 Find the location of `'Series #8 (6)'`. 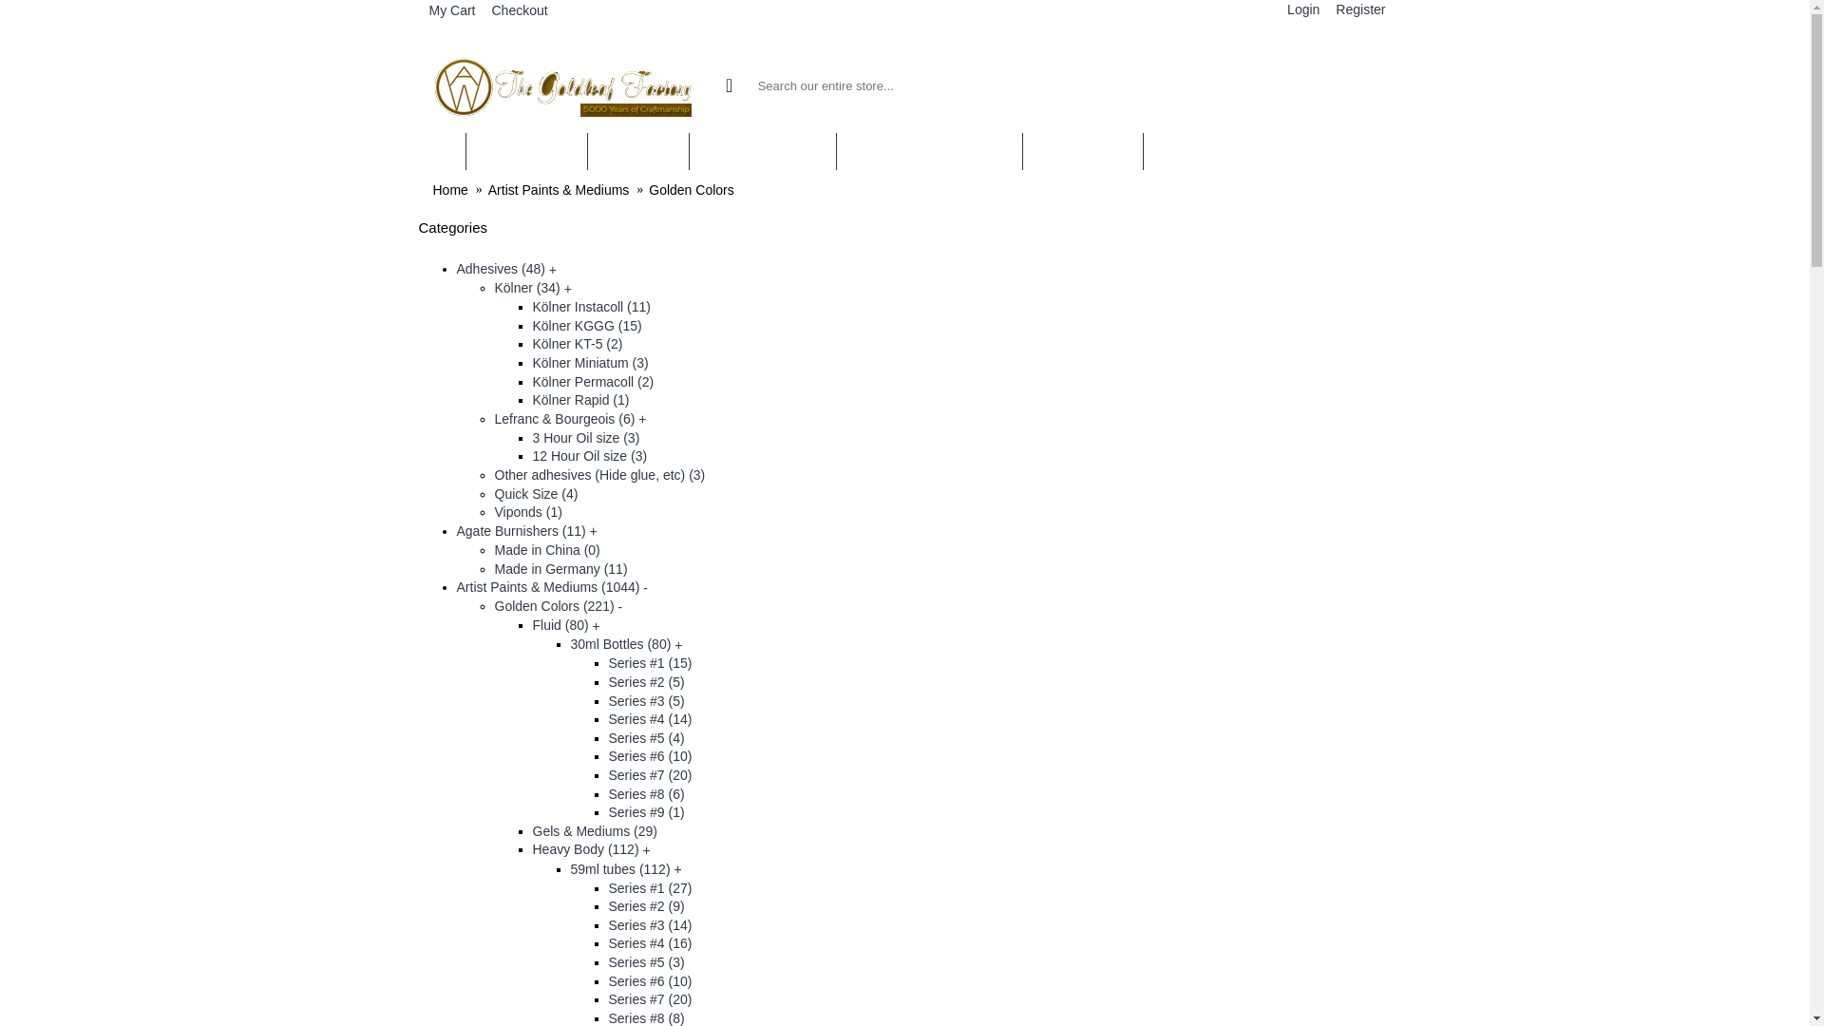

'Series #8 (6)' is located at coordinates (606, 794).